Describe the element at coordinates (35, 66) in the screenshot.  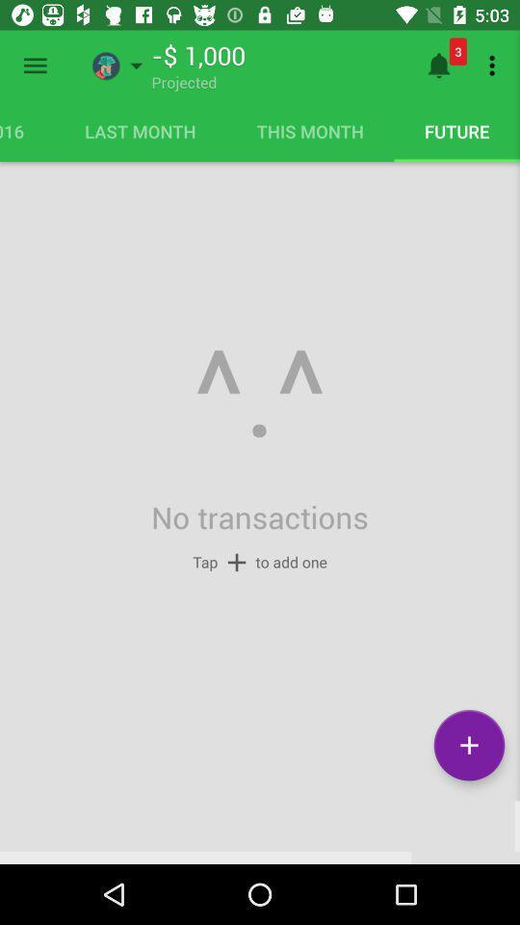
I see `menu` at that location.